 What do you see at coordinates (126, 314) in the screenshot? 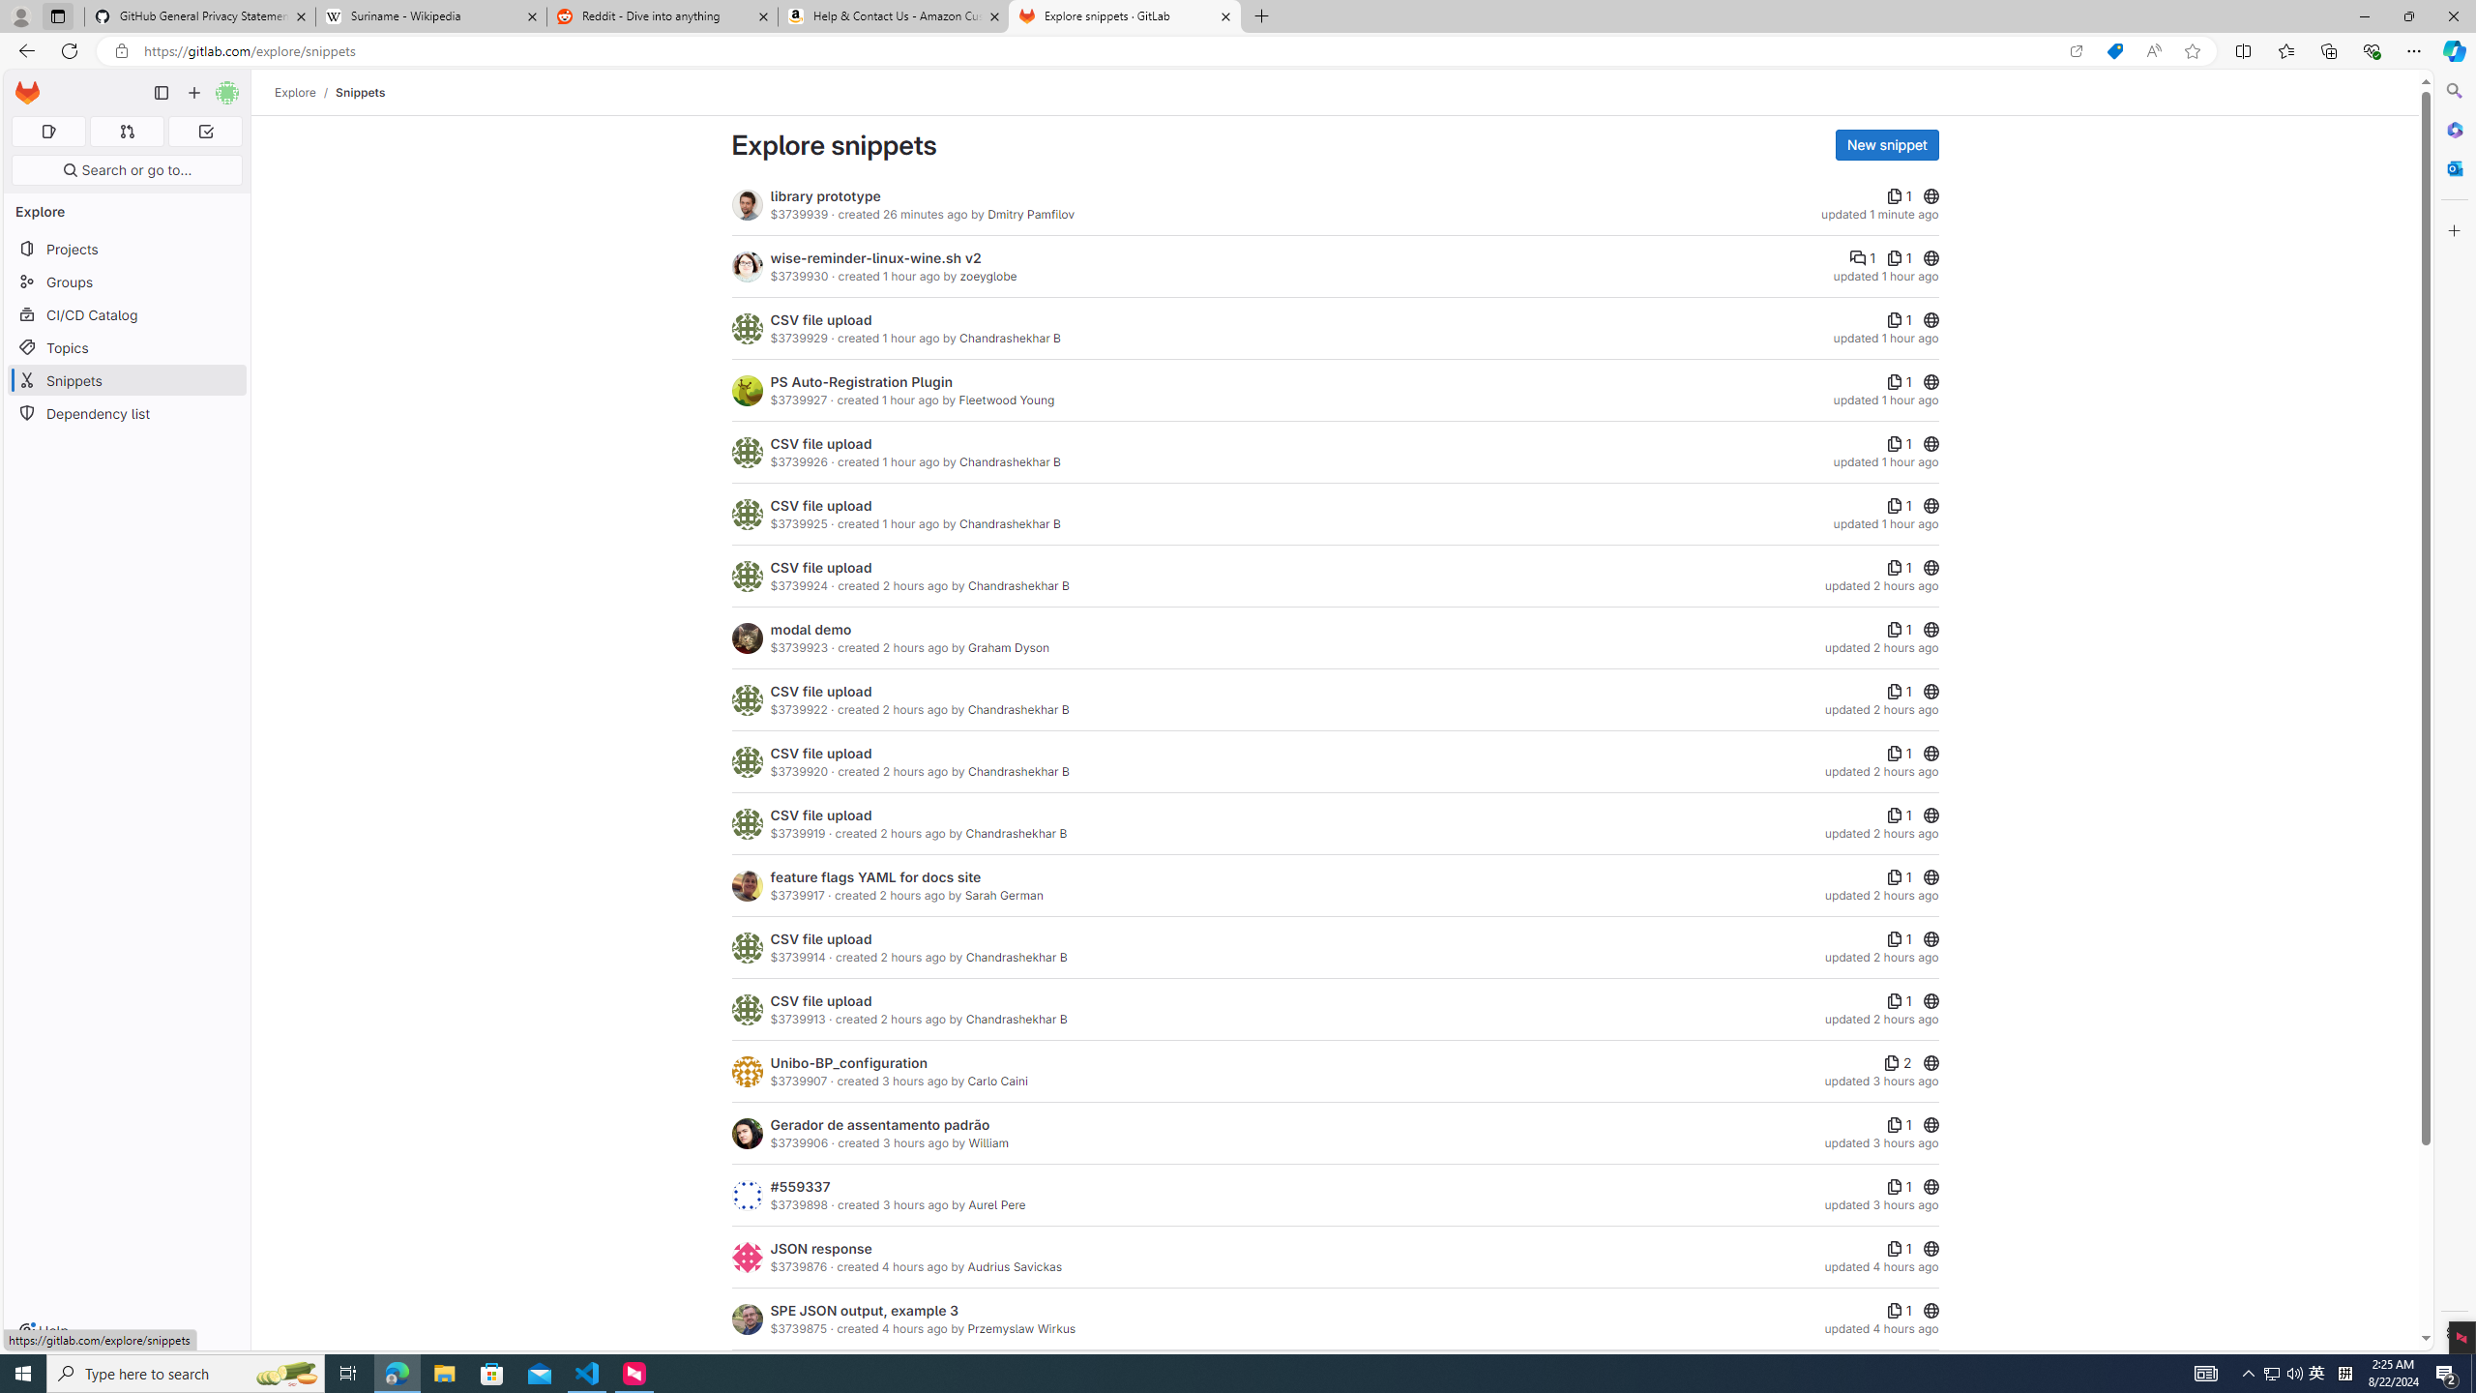
I see `'CI/CD Catalog'` at bounding box center [126, 314].